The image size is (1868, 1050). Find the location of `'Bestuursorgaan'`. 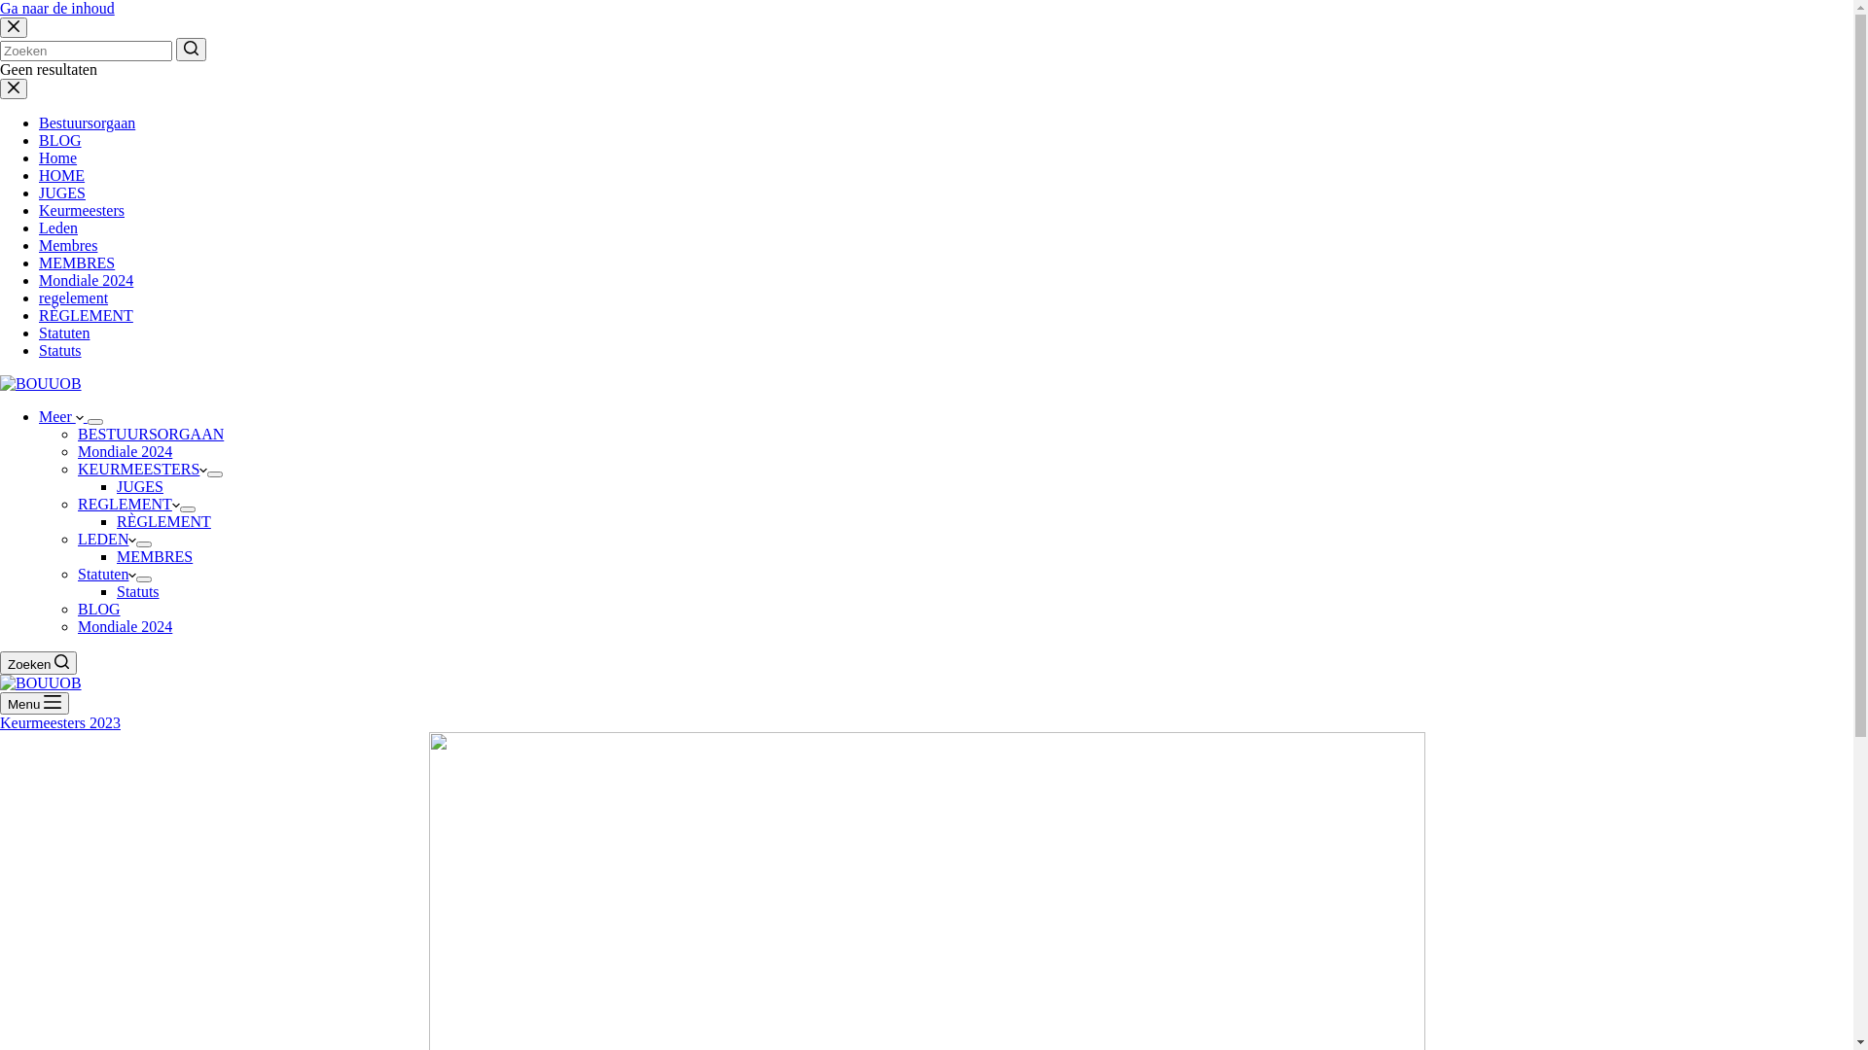

'Bestuursorgaan' is located at coordinates (86, 122).